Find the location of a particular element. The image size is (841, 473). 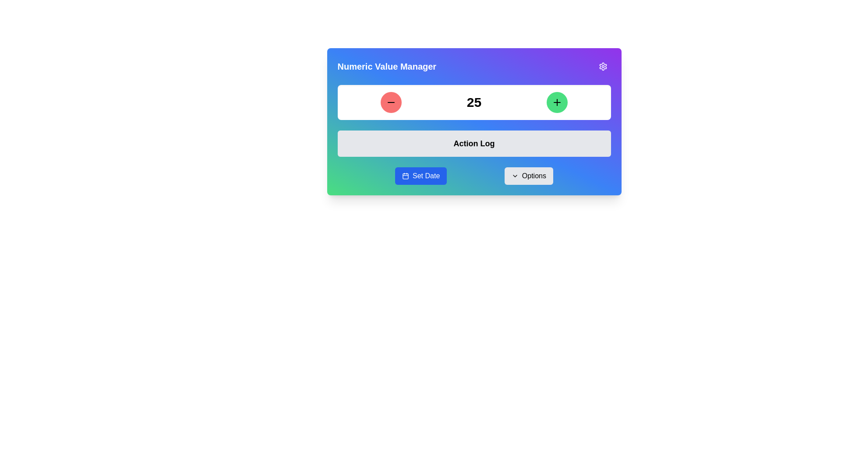

the 'Action Log' text heading, which is a rectangular section with a light gray background and bold black text, centrally located below a white section and between two buttons is located at coordinates (474, 143).